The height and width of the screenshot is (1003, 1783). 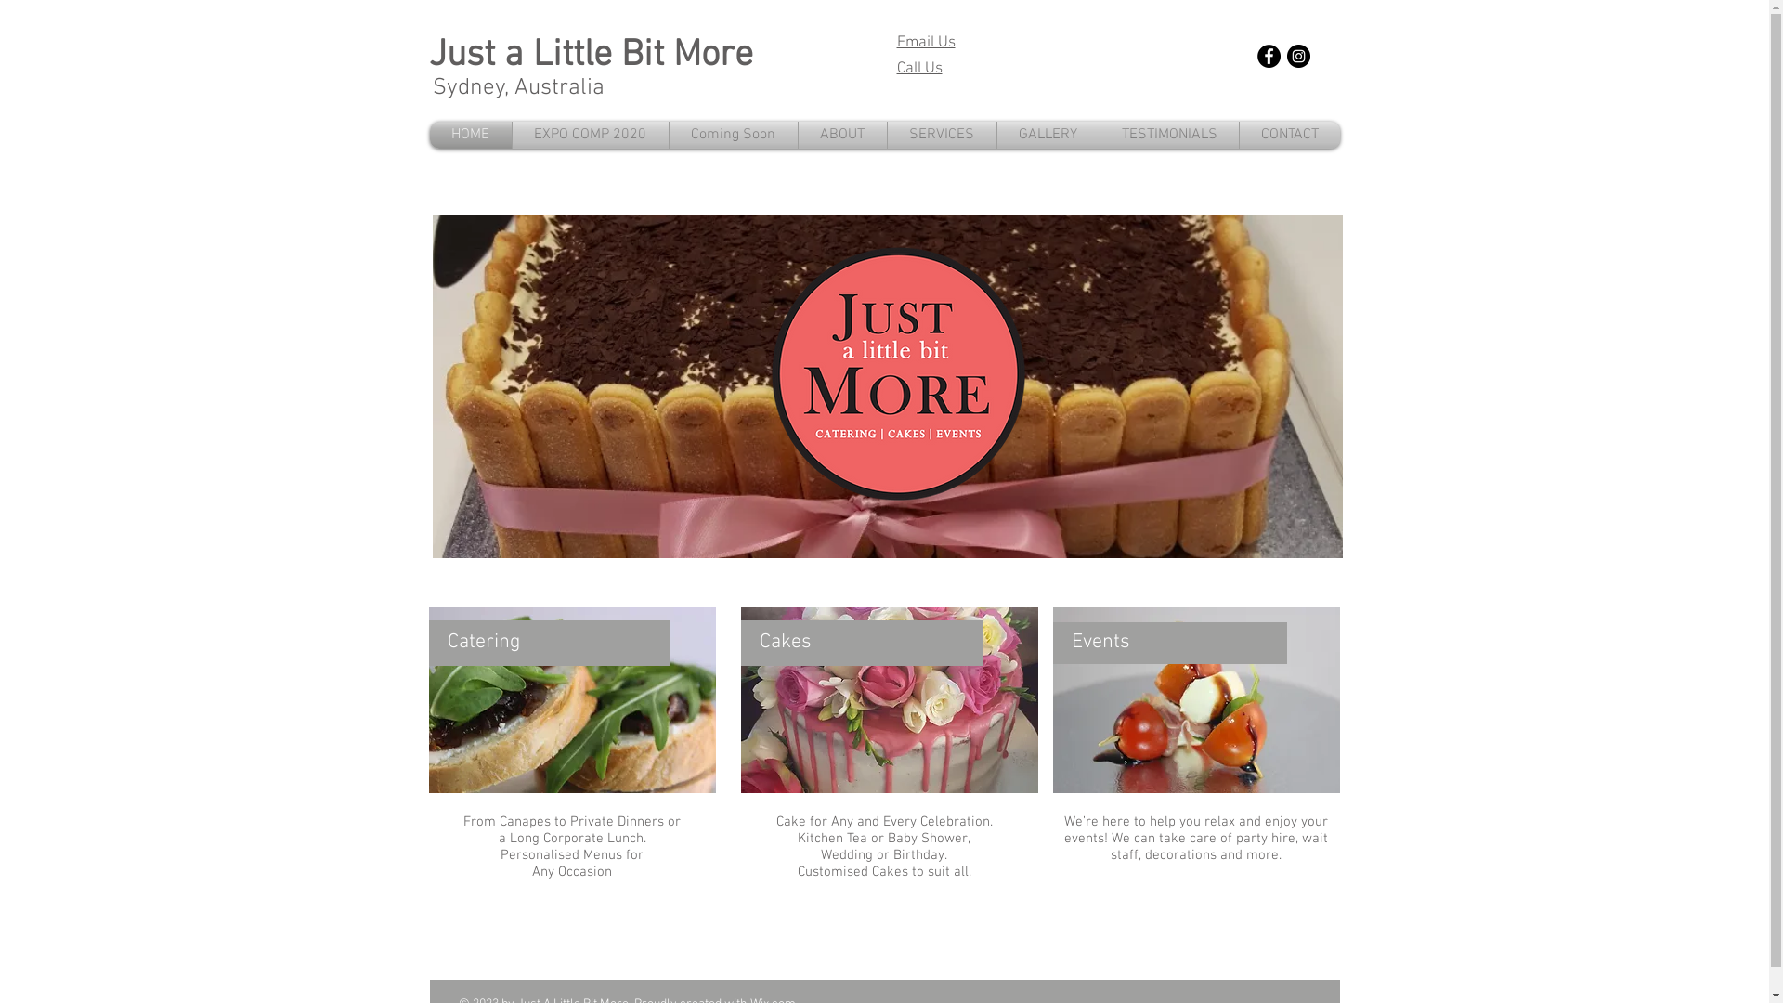 I want to click on 'GALLERY', so click(x=1048, y=134).